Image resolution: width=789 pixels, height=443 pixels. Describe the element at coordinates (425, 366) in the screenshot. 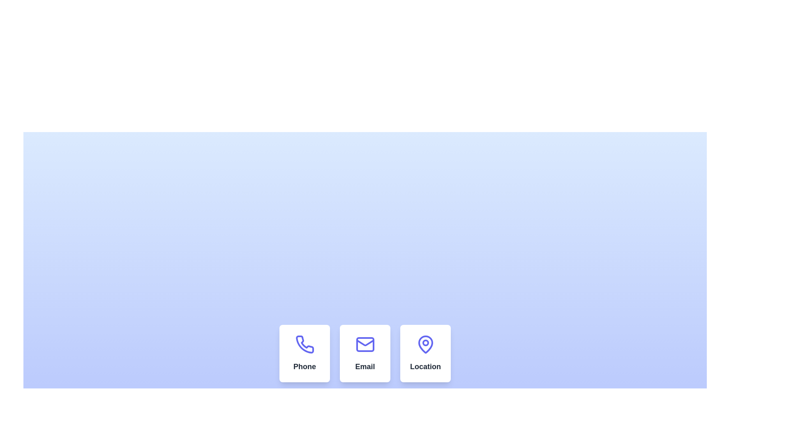

I see `the 'Location' text label, which is styled in bold font and located in the bottom-right of a card, below a map pin icon` at that location.